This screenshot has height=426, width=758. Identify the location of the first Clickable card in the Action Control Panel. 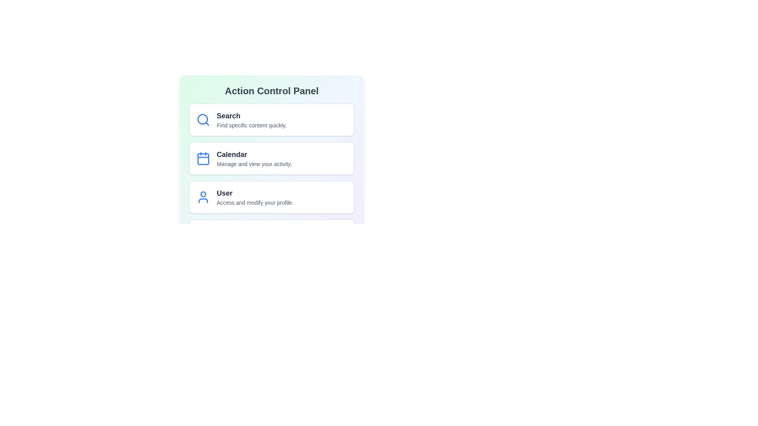
(272, 120).